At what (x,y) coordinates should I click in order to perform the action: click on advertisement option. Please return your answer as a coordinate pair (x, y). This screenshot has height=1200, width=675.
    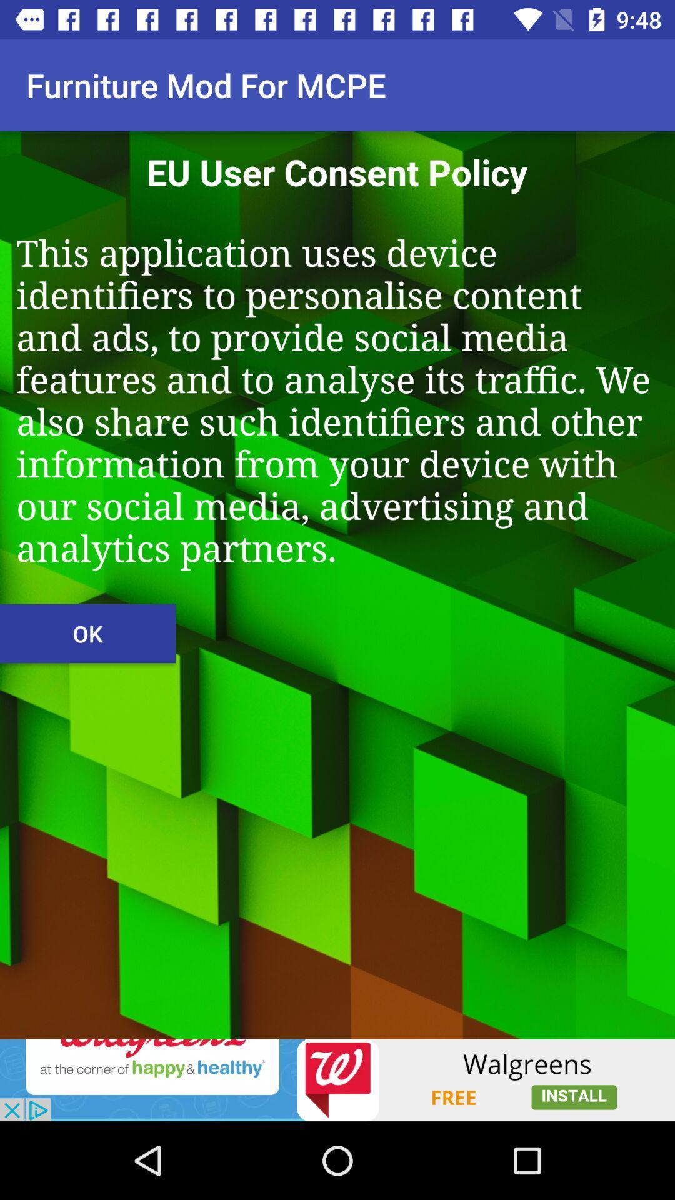
    Looking at the image, I should click on (337, 1079).